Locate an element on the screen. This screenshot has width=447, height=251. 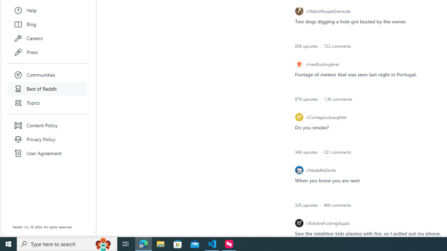
'Privacy Policy' is located at coordinates (47, 139).